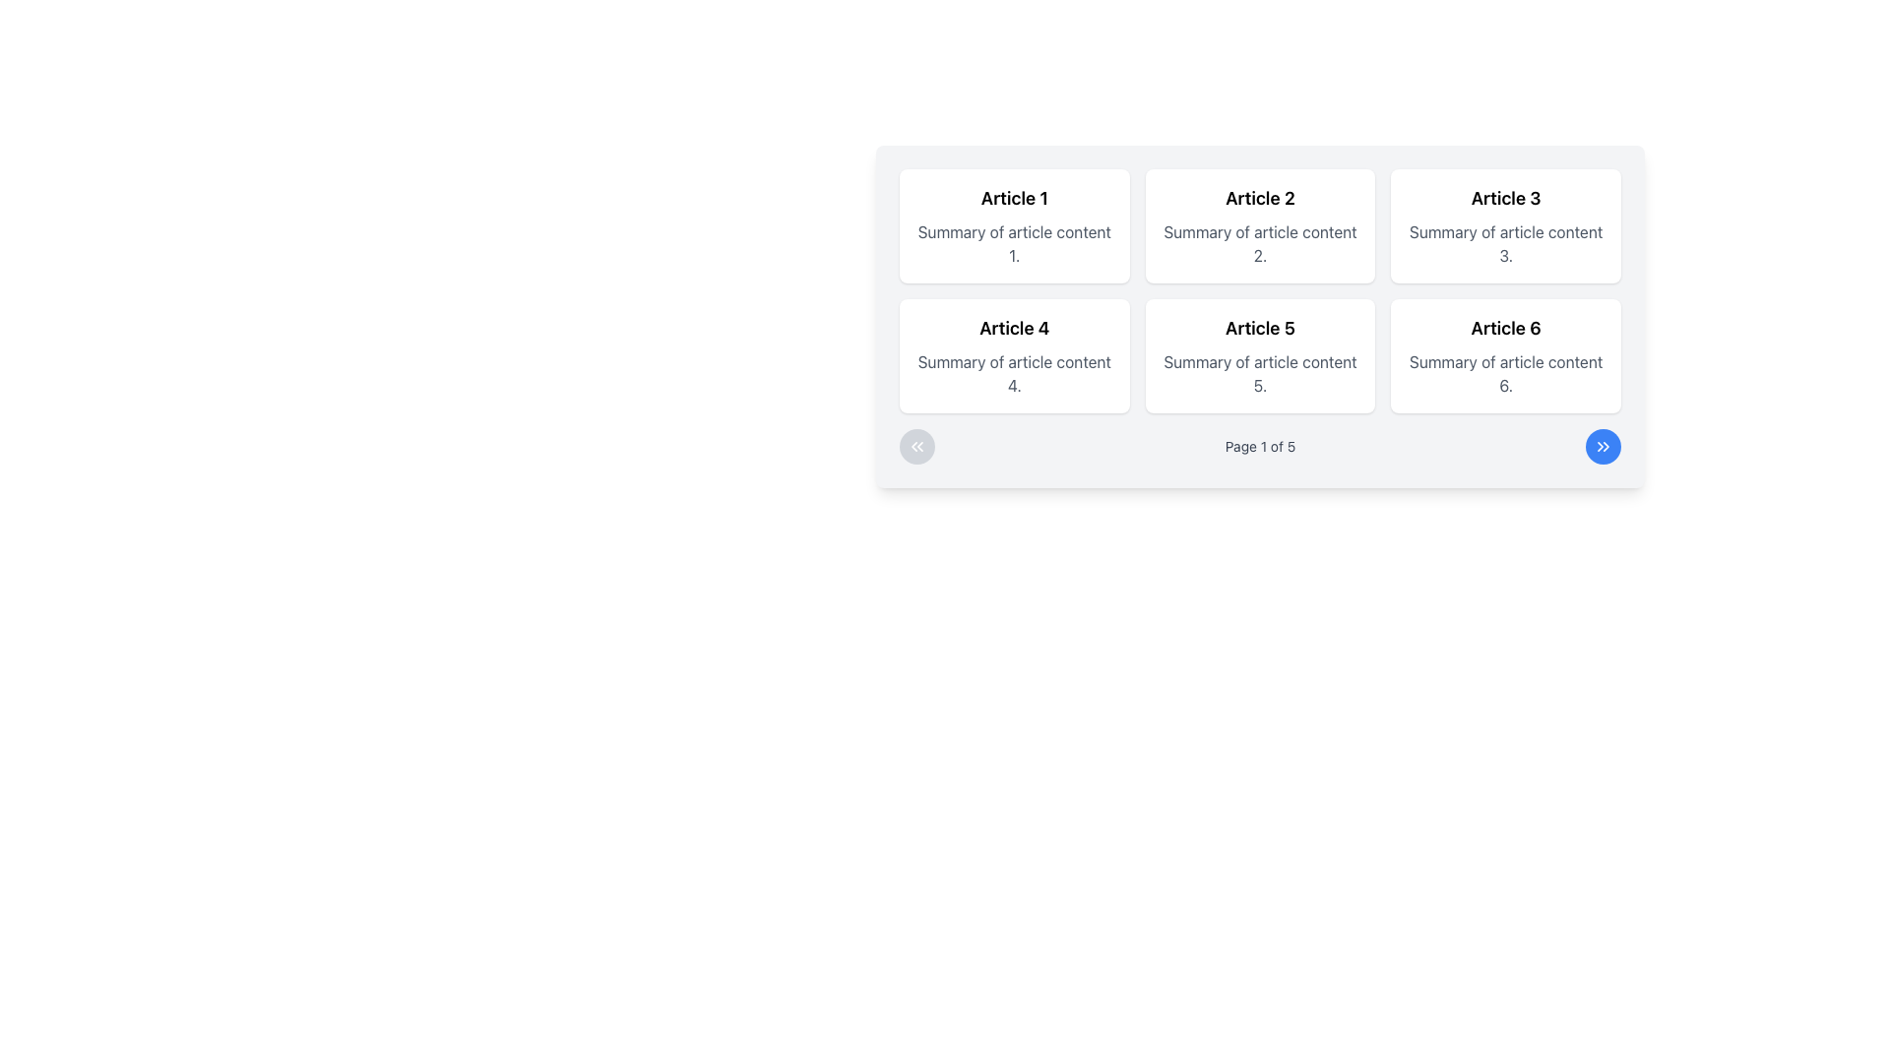 Image resolution: width=1890 pixels, height=1063 pixels. I want to click on the text displaying the phrase 'Summary of article content 4.' located beneath the header 'Article 4' in the second row and first column of the grid layout, so click(1014, 374).